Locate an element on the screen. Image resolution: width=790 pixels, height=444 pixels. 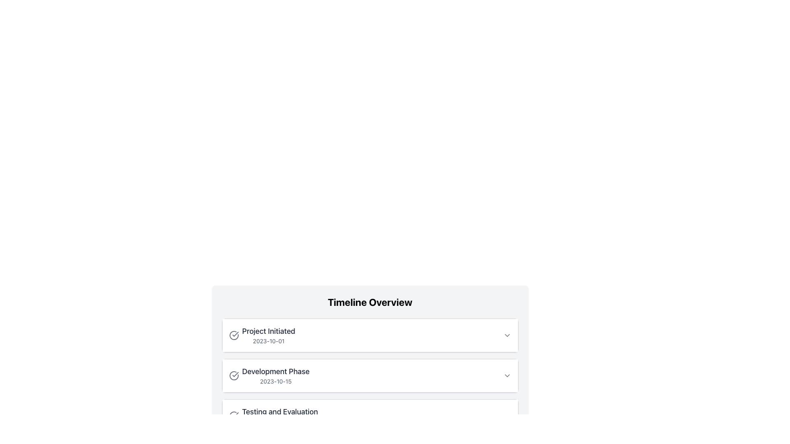
the 'Testing and Evaluation' milestone card in the 'Timeline Overview' section is located at coordinates (369, 416).